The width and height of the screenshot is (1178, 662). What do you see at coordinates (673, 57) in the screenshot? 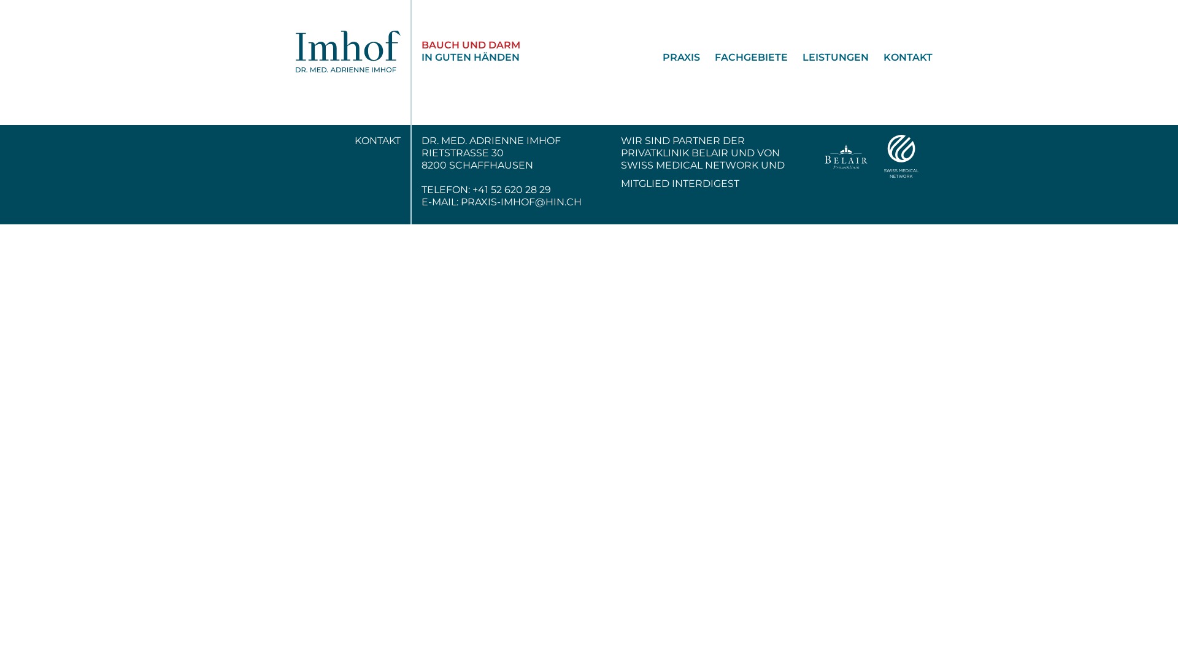
I see `'PRAXIS'` at bounding box center [673, 57].